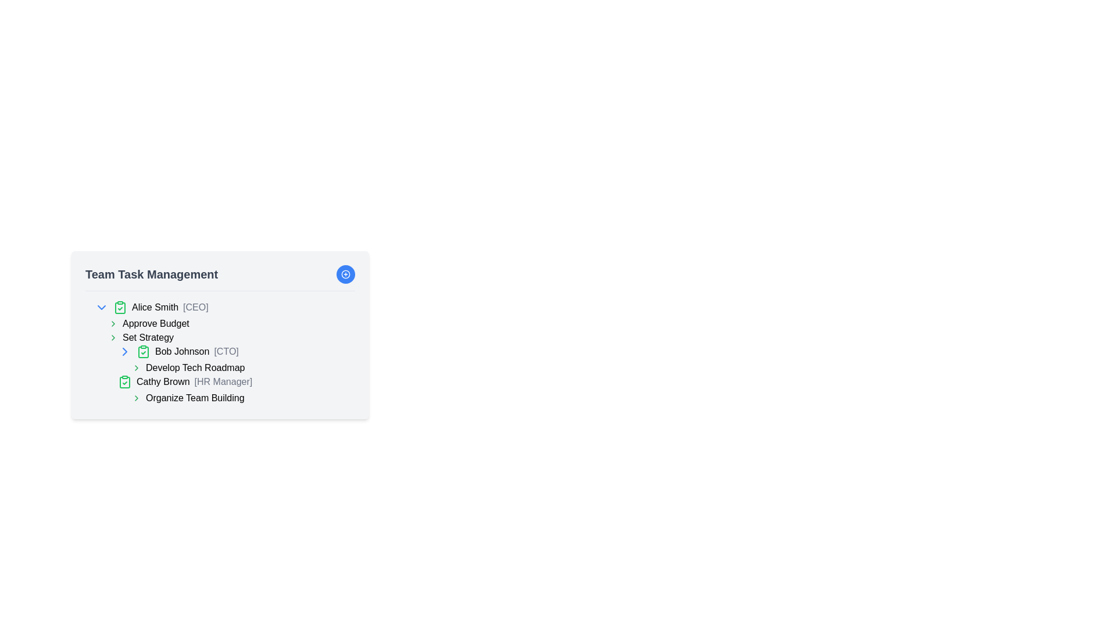  Describe the element at coordinates (196, 351) in the screenshot. I see `the label representing the name and role of an individual in the task management system, which is the third item under 'Set Strategy' and located to the right of a green checkmark icon` at that location.